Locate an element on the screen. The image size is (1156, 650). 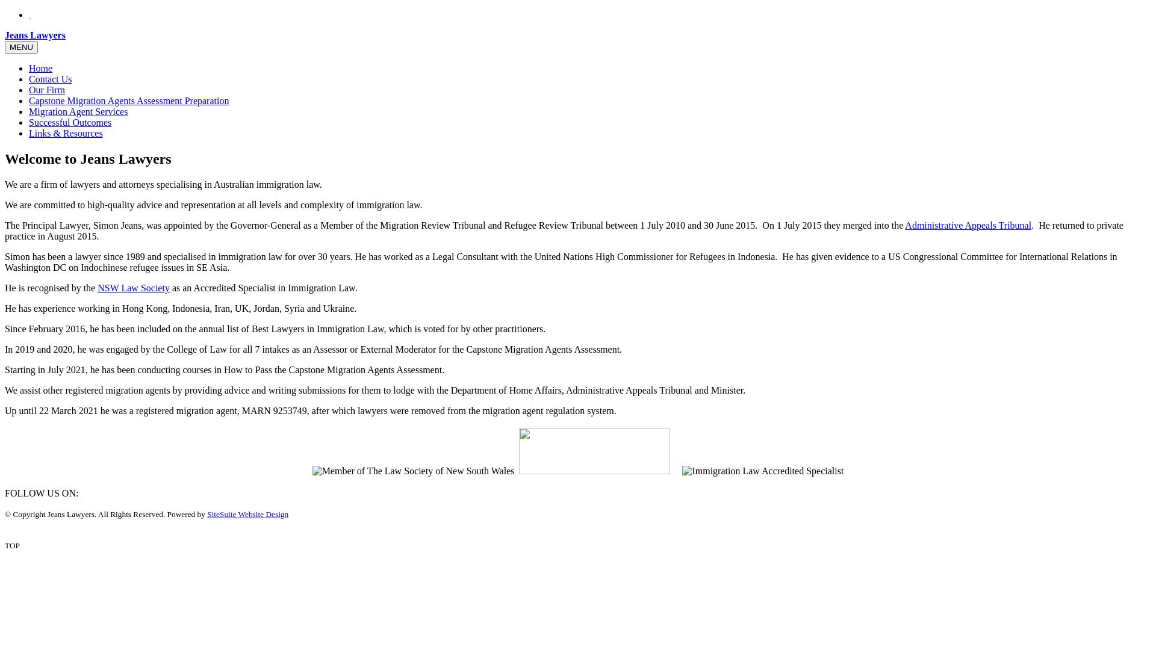
'Home' is located at coordinates (40, 68).